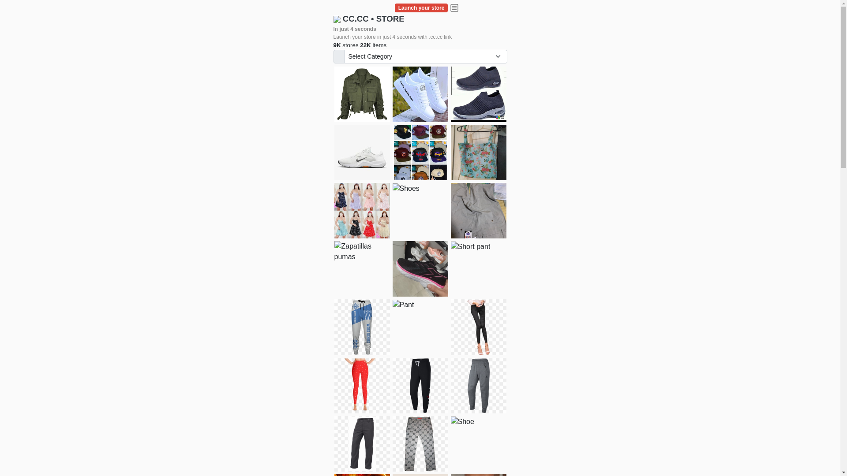 The image size is (847, 476). What do you see at coordinates (451, 421) in the screenshot?
I see `'Shoe'` at bounding box center [451, 421].